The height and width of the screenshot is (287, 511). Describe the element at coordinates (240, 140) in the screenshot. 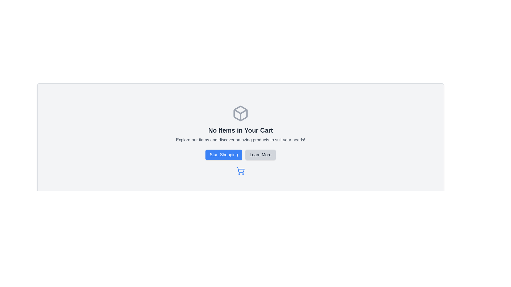

I see `the text display that reads 'Explore our items and discover amazing products to suit your needs!', which is located immediately beneath the title 'No Items in Your Cart'` at that location.